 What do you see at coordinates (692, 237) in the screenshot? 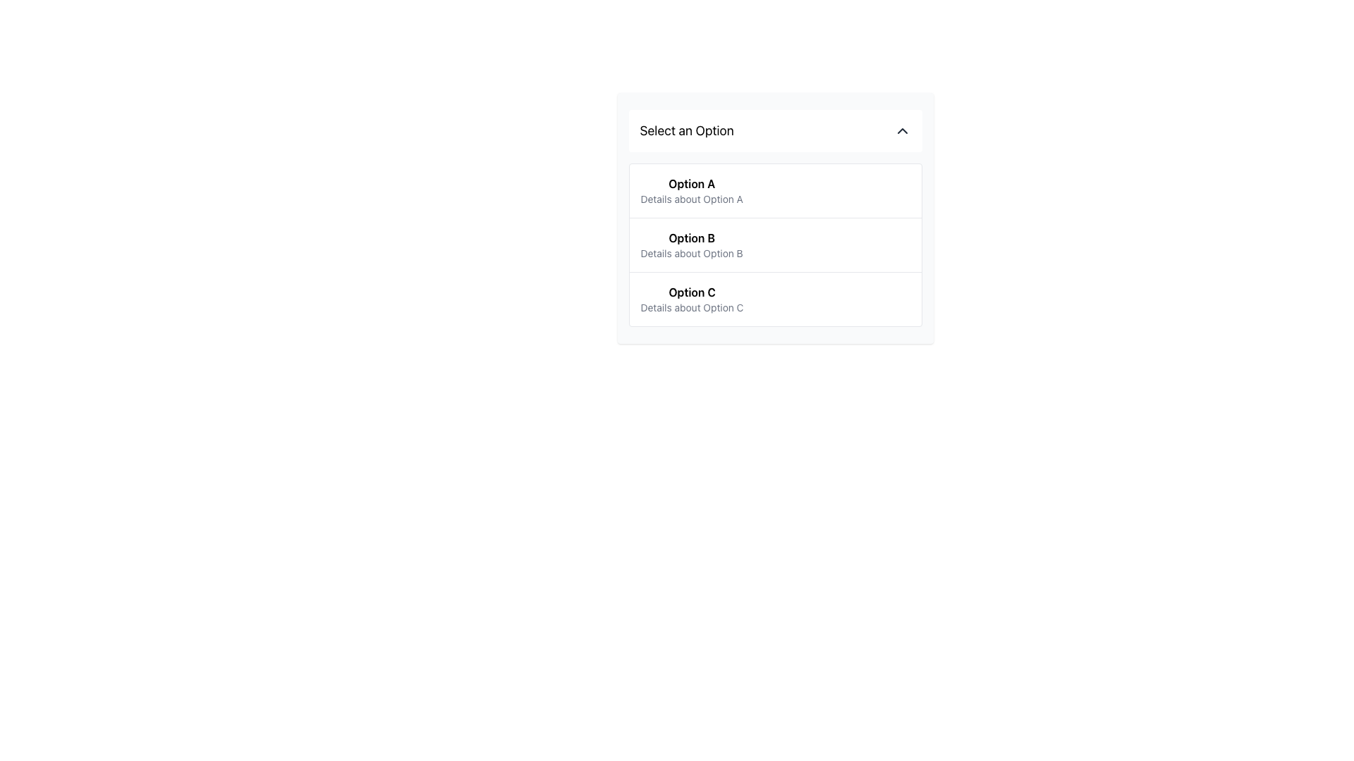
I see `the text label 'Option B' which serves as the label for the second option in the dropdown menu` at bounding box center [692, 237].